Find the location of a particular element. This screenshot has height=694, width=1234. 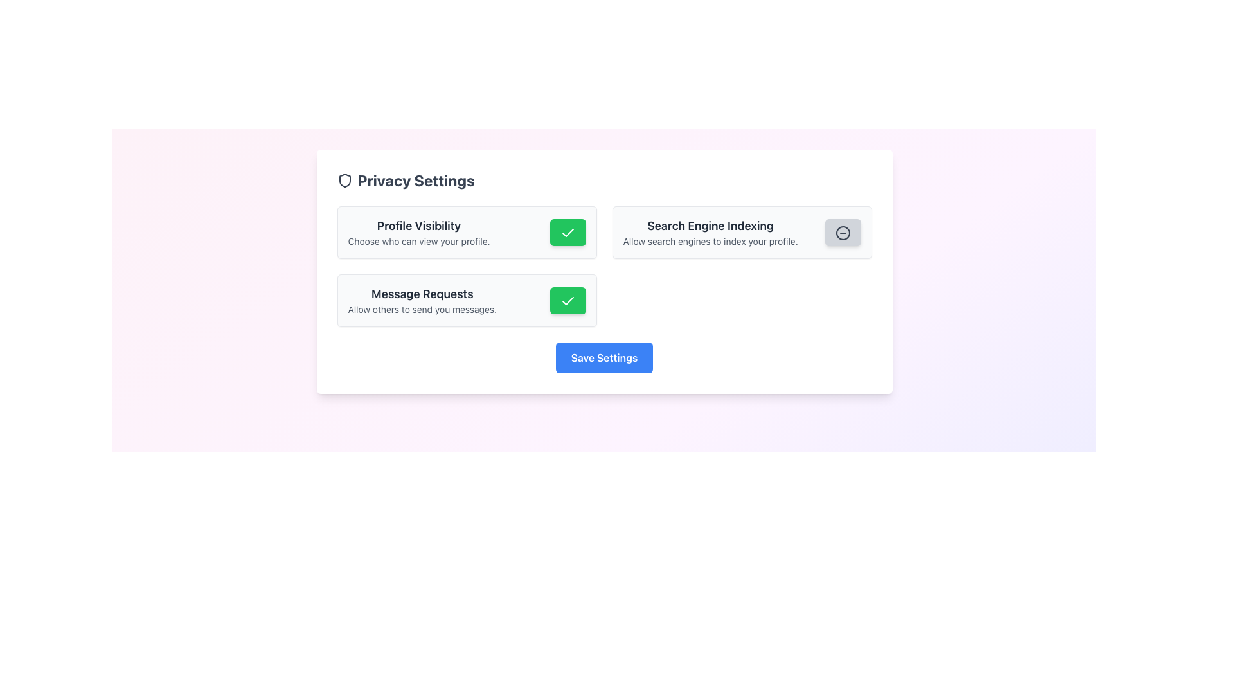

the checkmark icon with a green background located in the second row of controls titled 'Message Requests' under 'Privacy Settings' is located at coordinates (567, 301).